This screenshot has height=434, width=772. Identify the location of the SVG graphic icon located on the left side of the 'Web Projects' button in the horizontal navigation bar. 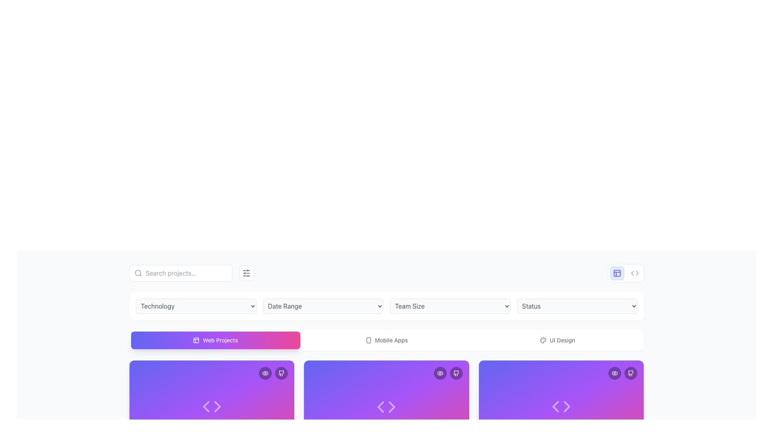
(196, 340).